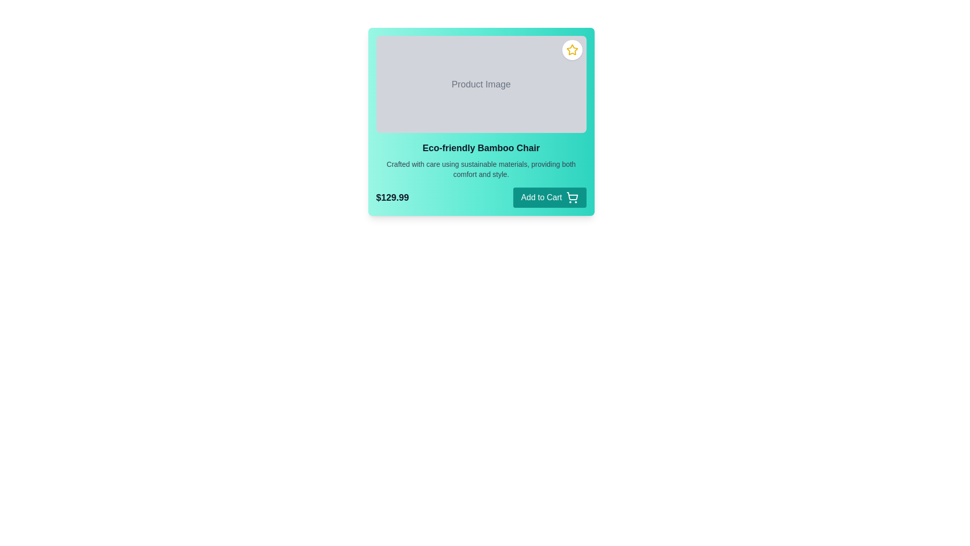 The width and height of the screenshot is (970, 546). Describe the element at coordinates (480, 169) in the screenshot. I see `the text block that reads 'Crafted with care using sustainable materials, providing both comfort and style.' which is located beneath the title 'Eco-friendly Bamboo Chair' in the product display card` at that location.